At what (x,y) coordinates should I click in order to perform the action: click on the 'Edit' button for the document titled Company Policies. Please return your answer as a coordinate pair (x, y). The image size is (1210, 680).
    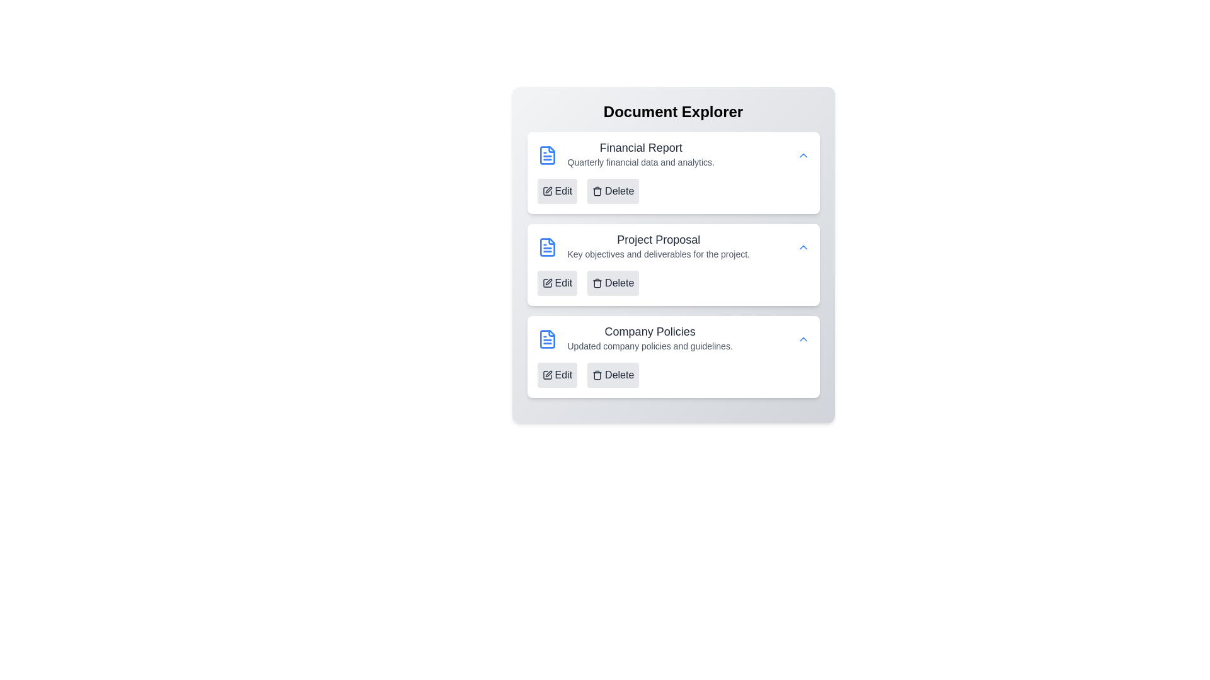
    Looking at the image, I should click on (556, 375).